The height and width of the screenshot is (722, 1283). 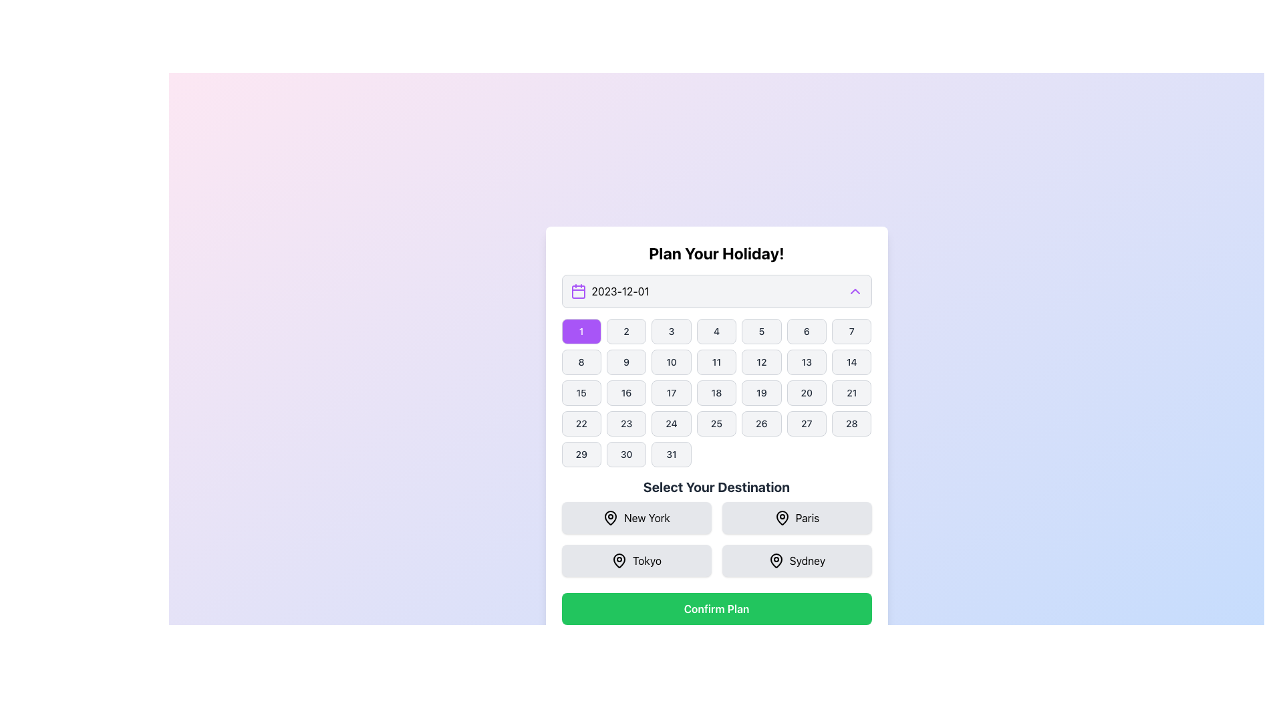 I want to click on the date selection button labeled '24' in the calendar UI under the 'Plan Your Holiday!' section, so click(x=672, y=423).